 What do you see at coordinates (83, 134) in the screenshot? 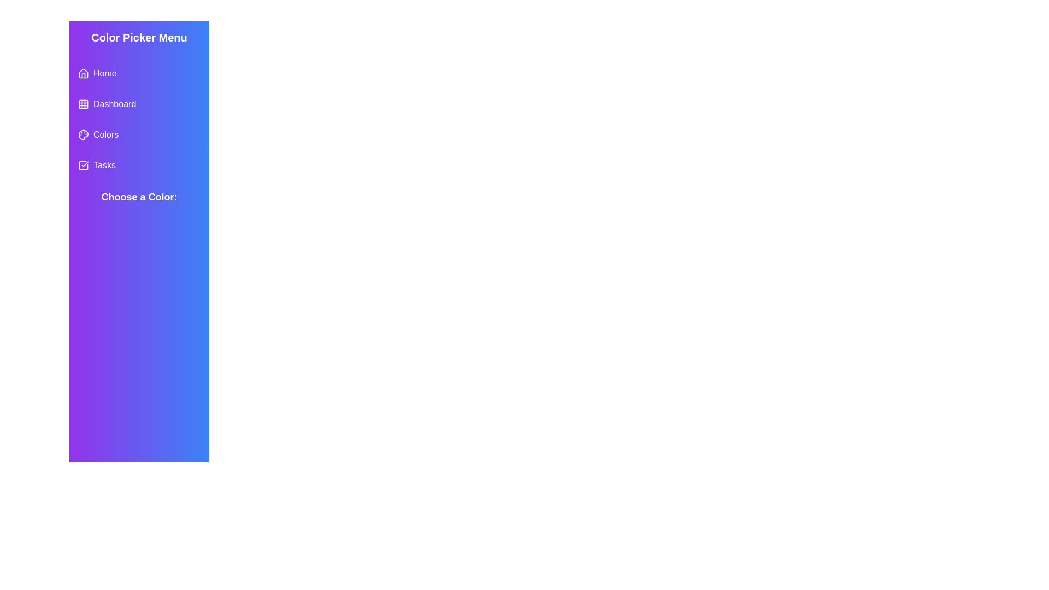
I see `the palette icon located in the 'Colors' section of the sidebar menu` at bounding box center [83, 134].